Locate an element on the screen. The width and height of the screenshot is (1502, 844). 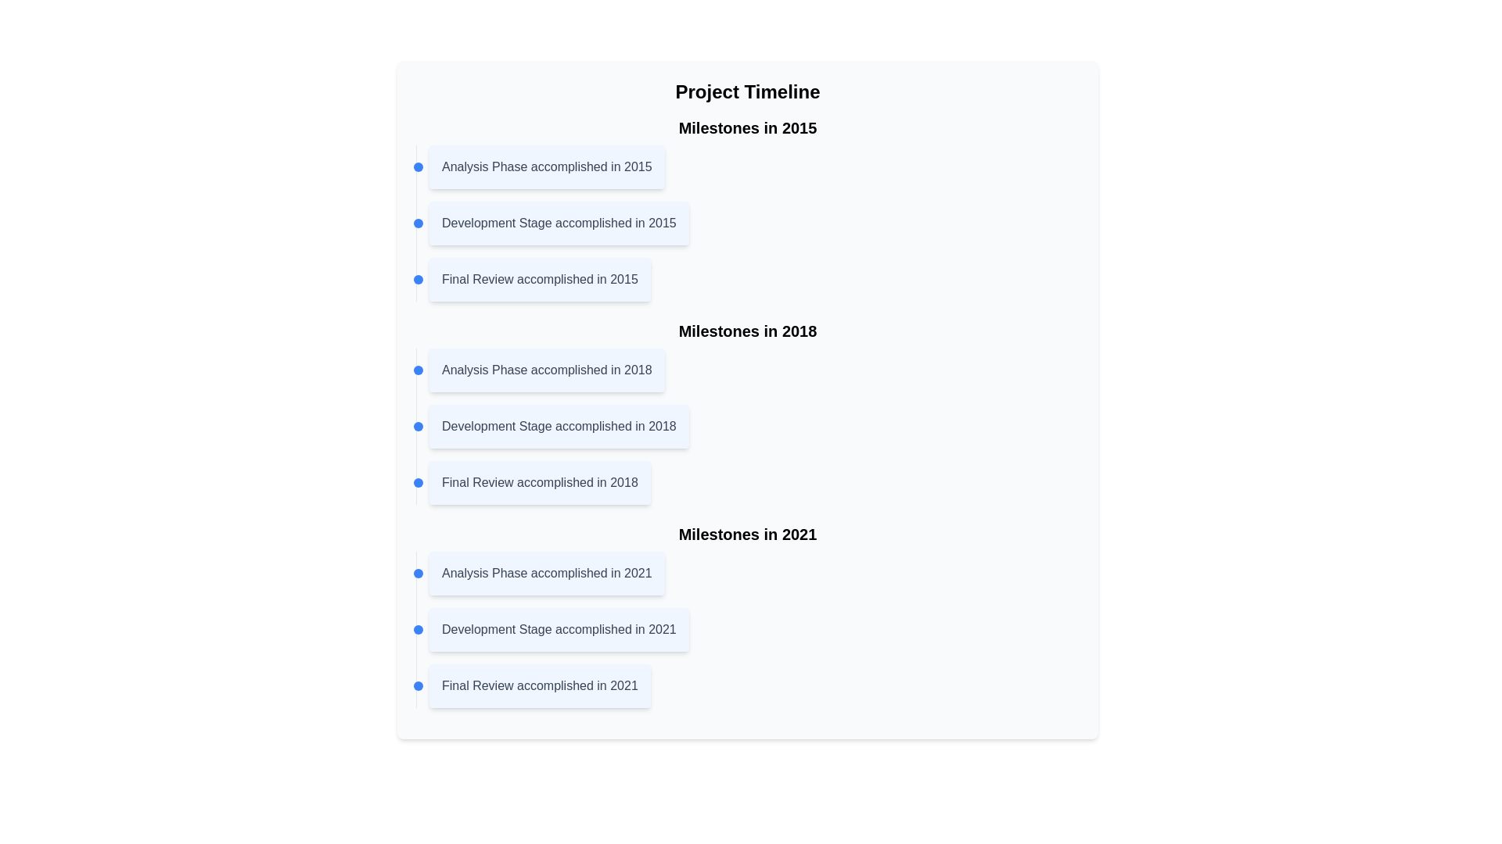
the informational text label that indicates 'Analysis Phase accomplished in 2021' located in the 'Milestones in 2021' section is located at coordinates (547, 573).